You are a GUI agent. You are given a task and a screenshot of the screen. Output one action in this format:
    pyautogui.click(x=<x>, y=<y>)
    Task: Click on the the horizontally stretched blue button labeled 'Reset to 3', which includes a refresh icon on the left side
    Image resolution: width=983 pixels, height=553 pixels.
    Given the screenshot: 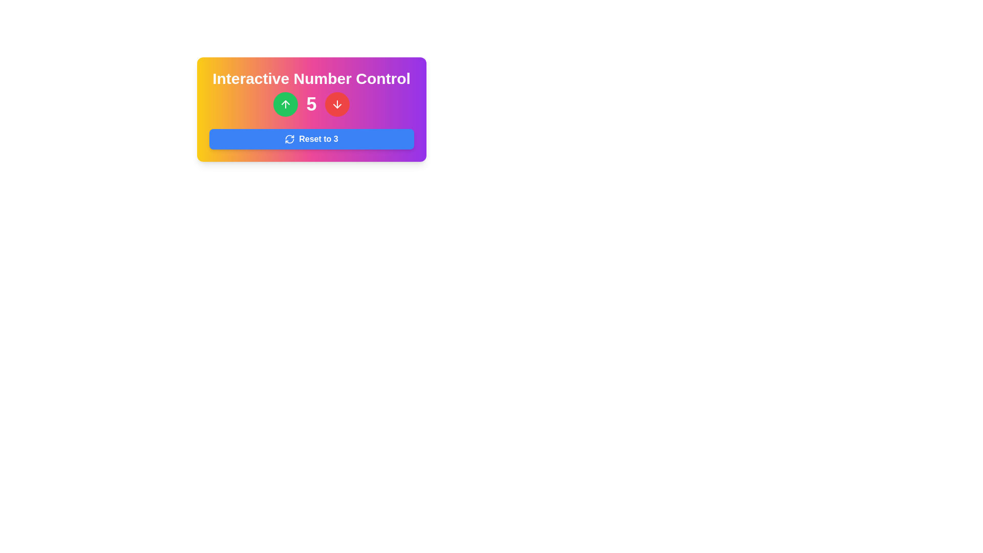 What is the action you would take?
    pyautogui.click(x=311, y=139)
    